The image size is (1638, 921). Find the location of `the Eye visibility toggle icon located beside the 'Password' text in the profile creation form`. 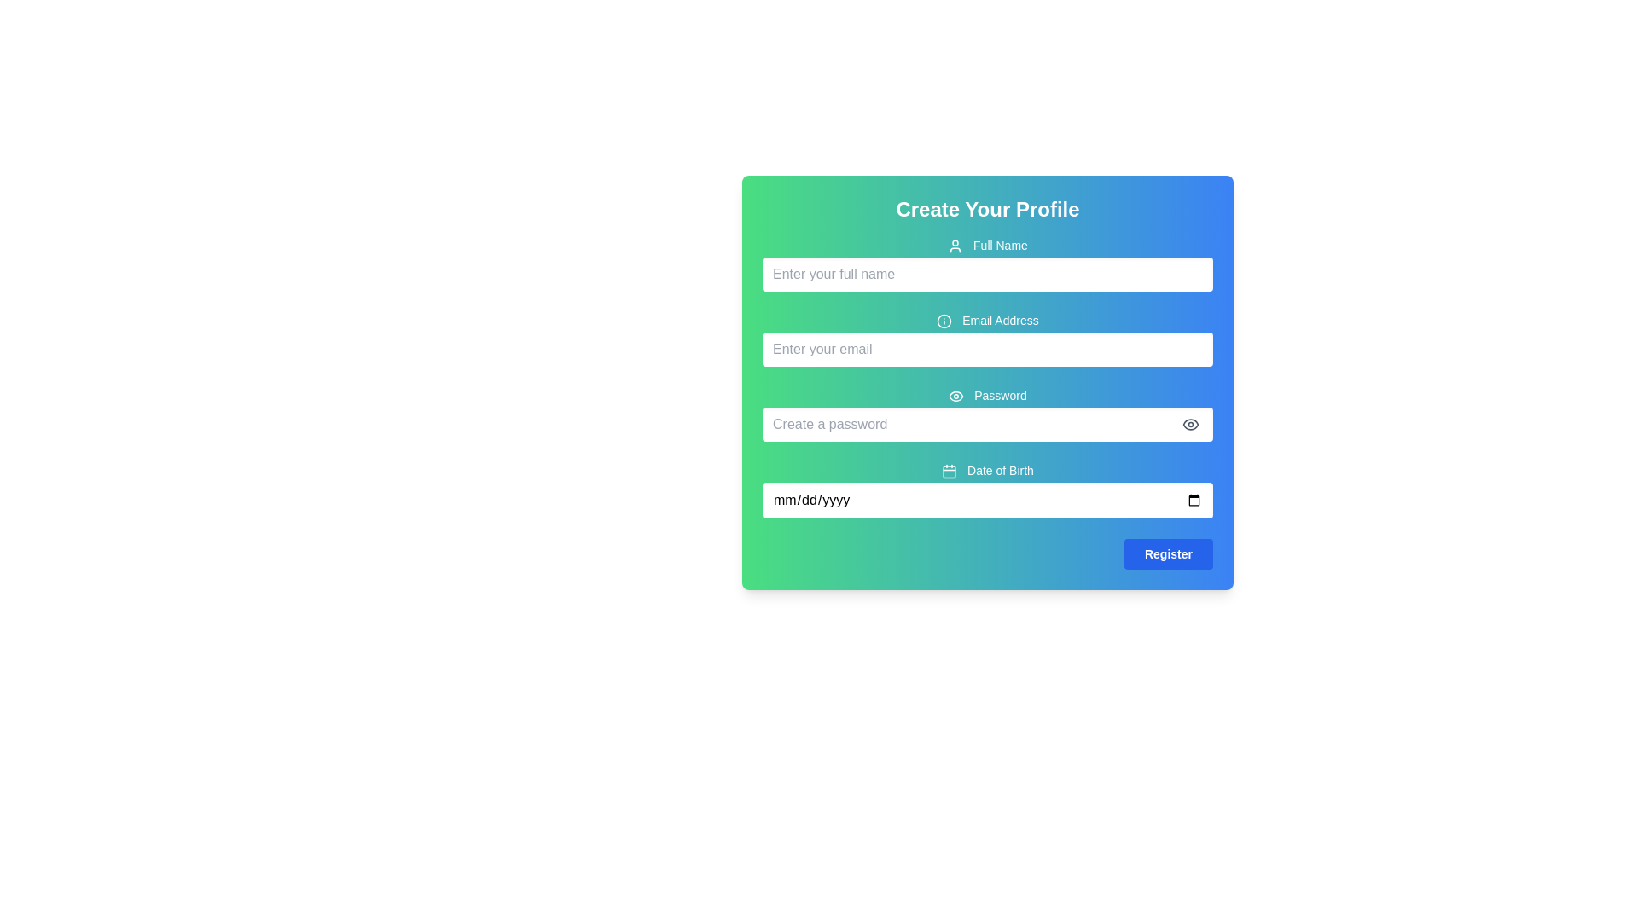

the Eye visibility toggle icon located beside the 'Password' text in the profile creation form is located at coordinates (956, 397).